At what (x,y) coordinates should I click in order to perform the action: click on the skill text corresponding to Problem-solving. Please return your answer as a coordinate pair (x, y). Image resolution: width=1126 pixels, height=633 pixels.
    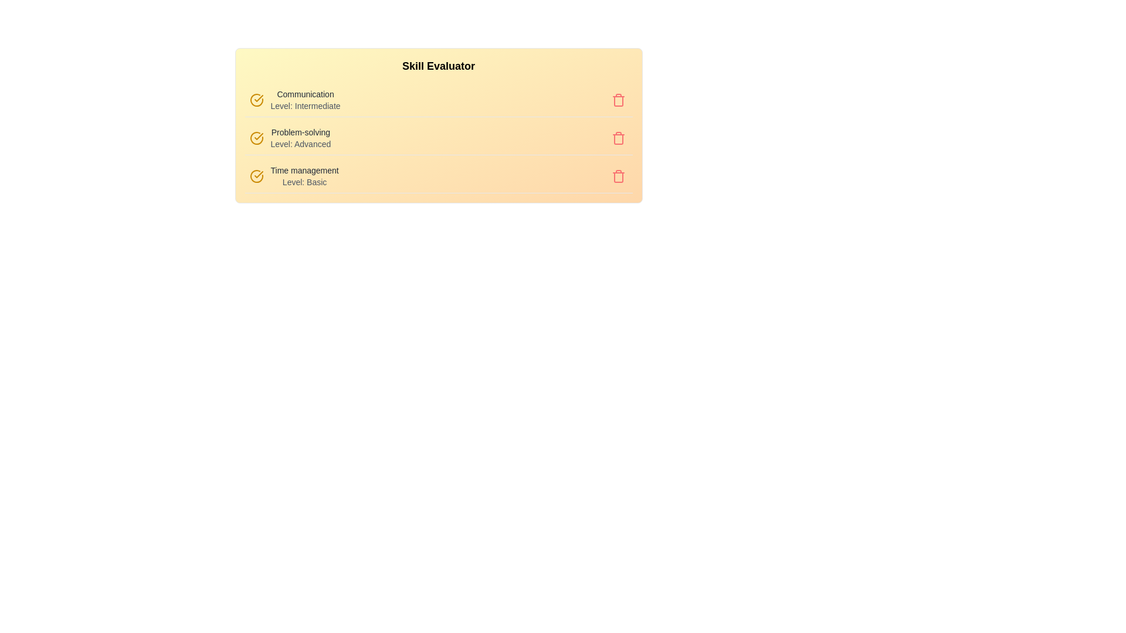
    Looking at the image, I should click on (300, 137).